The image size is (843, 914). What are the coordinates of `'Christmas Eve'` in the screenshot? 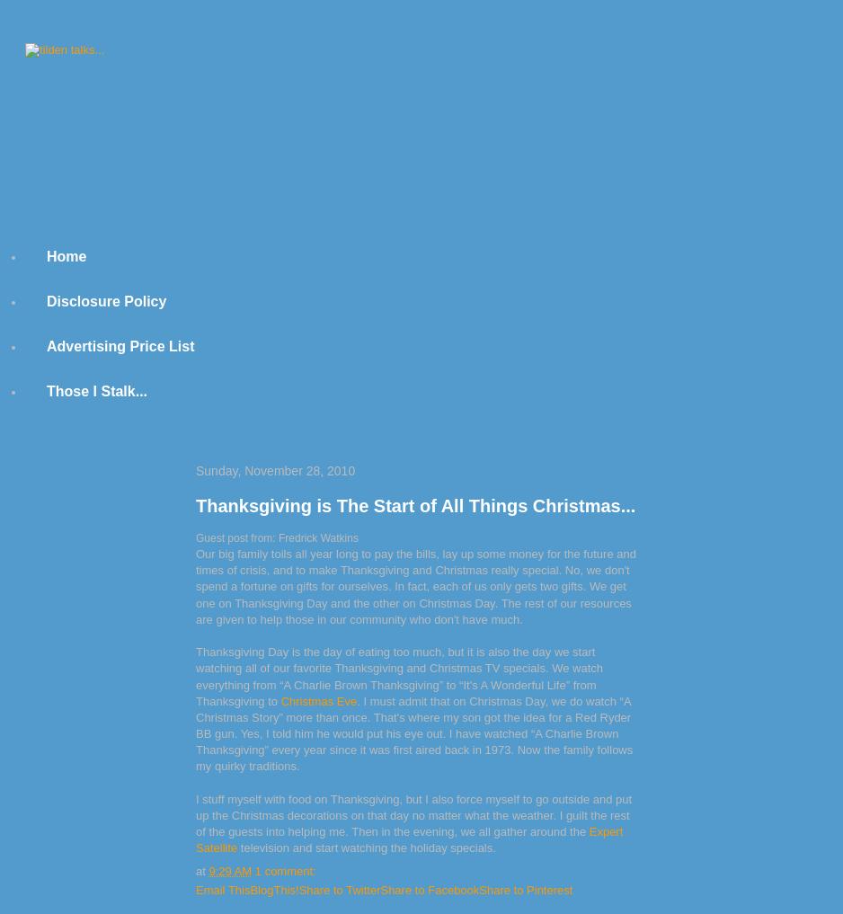 It's located at (318, 700).